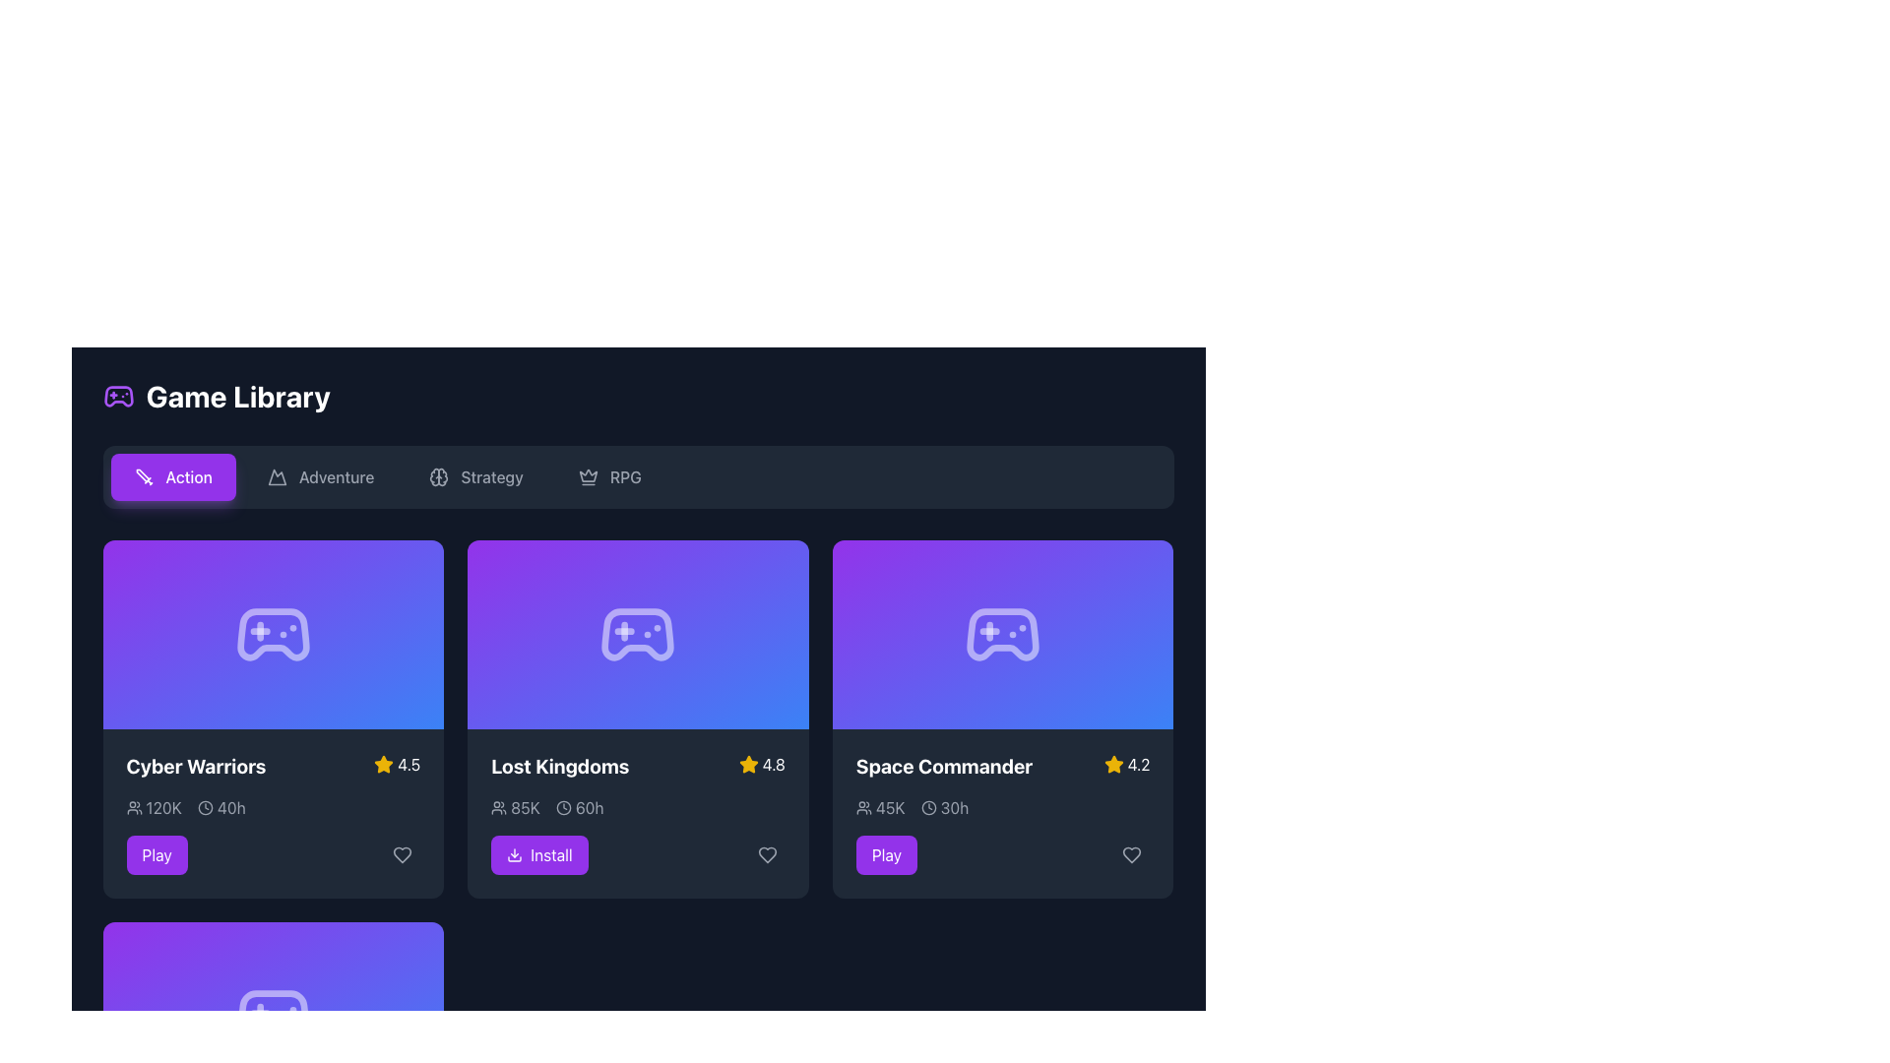 The width and height of the screenshot is (1890, 1063). Describe the element at coordinates (384, 763) in the screenshot. I see `the star icon representing the rating for the game 'Cyber Warriors' located in the first game card` at that location.